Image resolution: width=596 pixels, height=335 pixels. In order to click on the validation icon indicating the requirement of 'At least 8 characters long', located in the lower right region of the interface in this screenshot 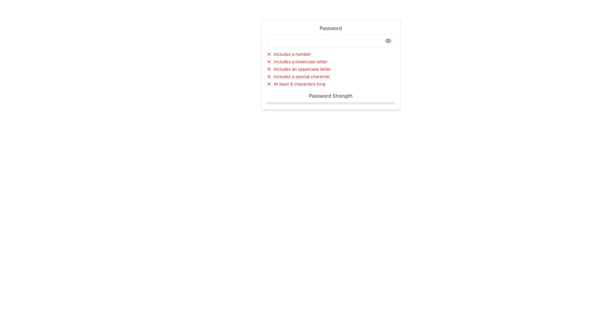, I will do `click(269, 84)`.